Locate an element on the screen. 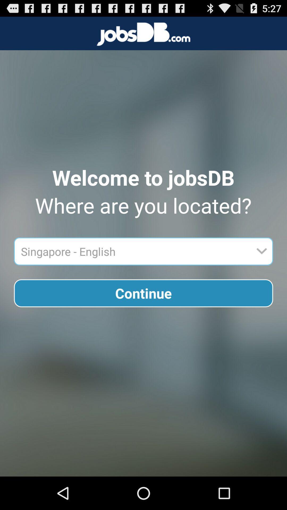 The width and height of the screenshot is (287, 510). icon below singapore - english is located at coordinates (143, 293).